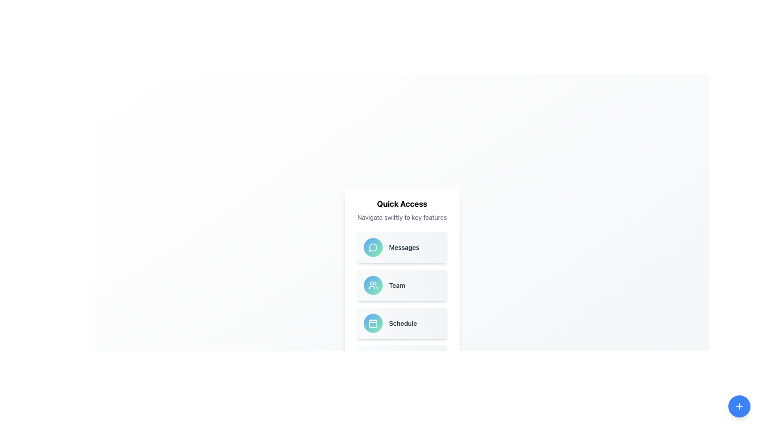  I want to click on the 'Schedule' button located in the vertical list of cards under the 'Quick Access' heading, so click(402, 323).